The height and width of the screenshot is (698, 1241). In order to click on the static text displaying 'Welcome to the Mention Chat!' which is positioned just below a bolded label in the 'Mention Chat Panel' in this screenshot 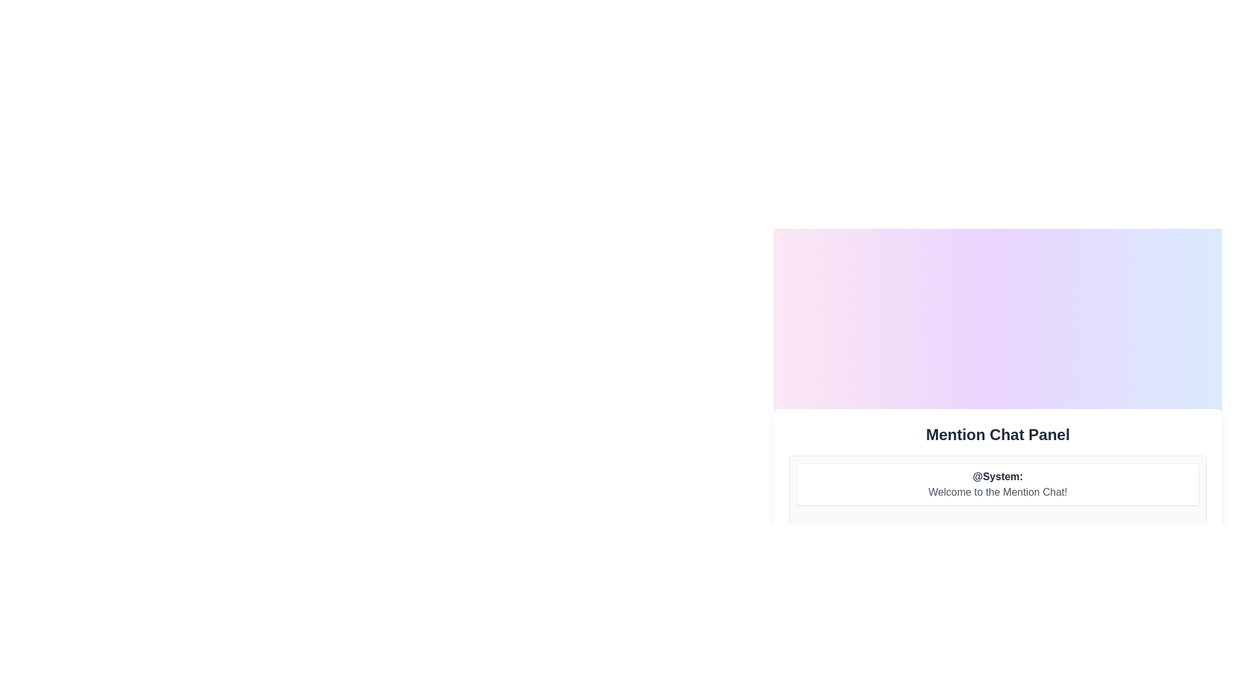, I will do `click(997, 491)`.